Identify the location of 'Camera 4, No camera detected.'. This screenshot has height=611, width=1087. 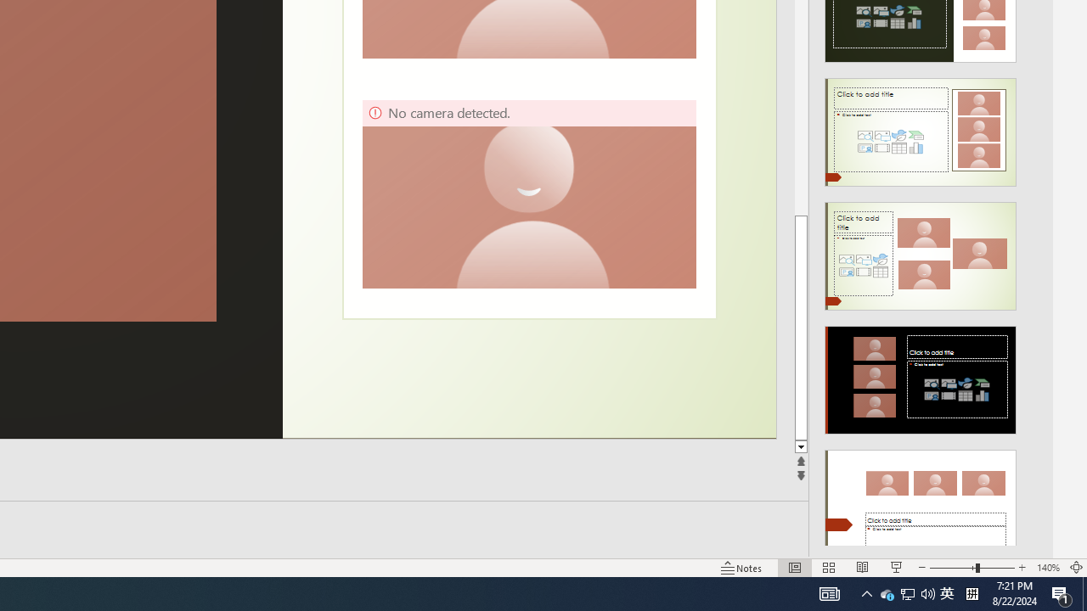
(528, 193).